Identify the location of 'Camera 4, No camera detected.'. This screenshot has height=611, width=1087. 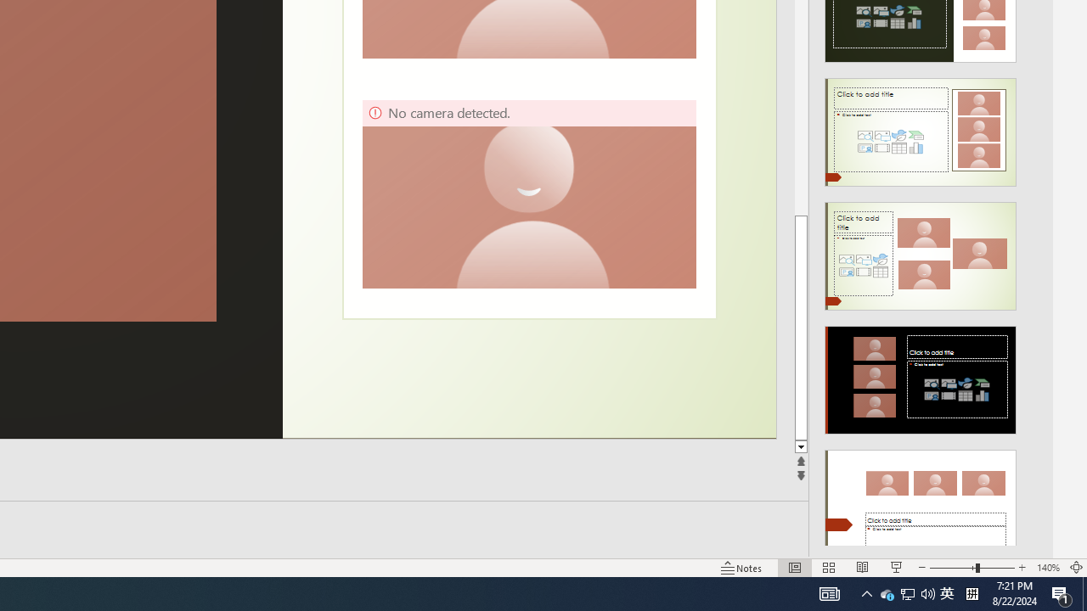
(528, 193).